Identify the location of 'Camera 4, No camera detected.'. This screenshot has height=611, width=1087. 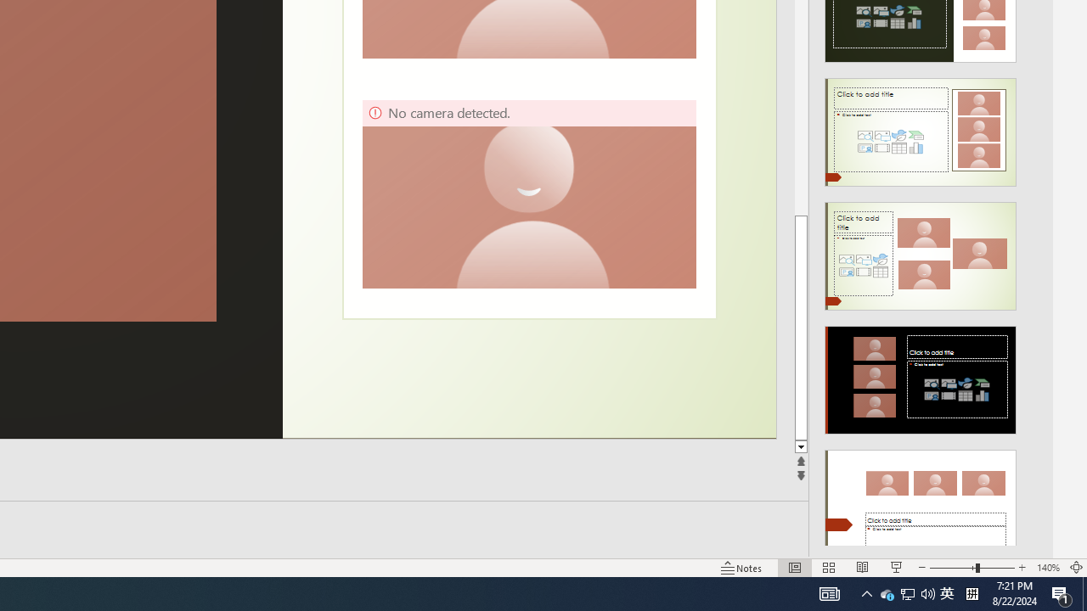
(528, 193).